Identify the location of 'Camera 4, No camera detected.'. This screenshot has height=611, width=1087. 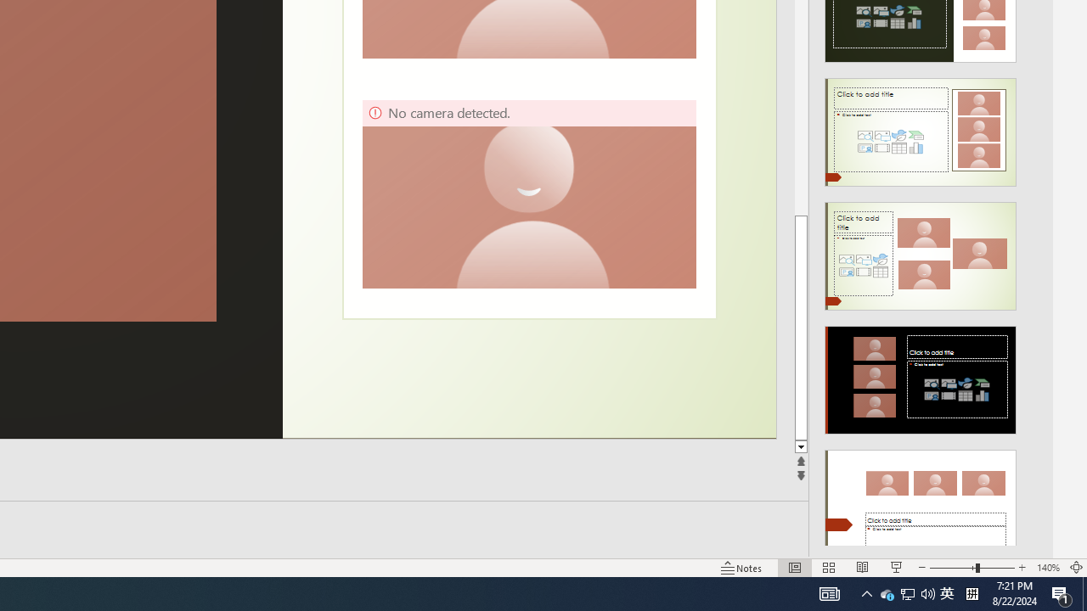
(528, 193).